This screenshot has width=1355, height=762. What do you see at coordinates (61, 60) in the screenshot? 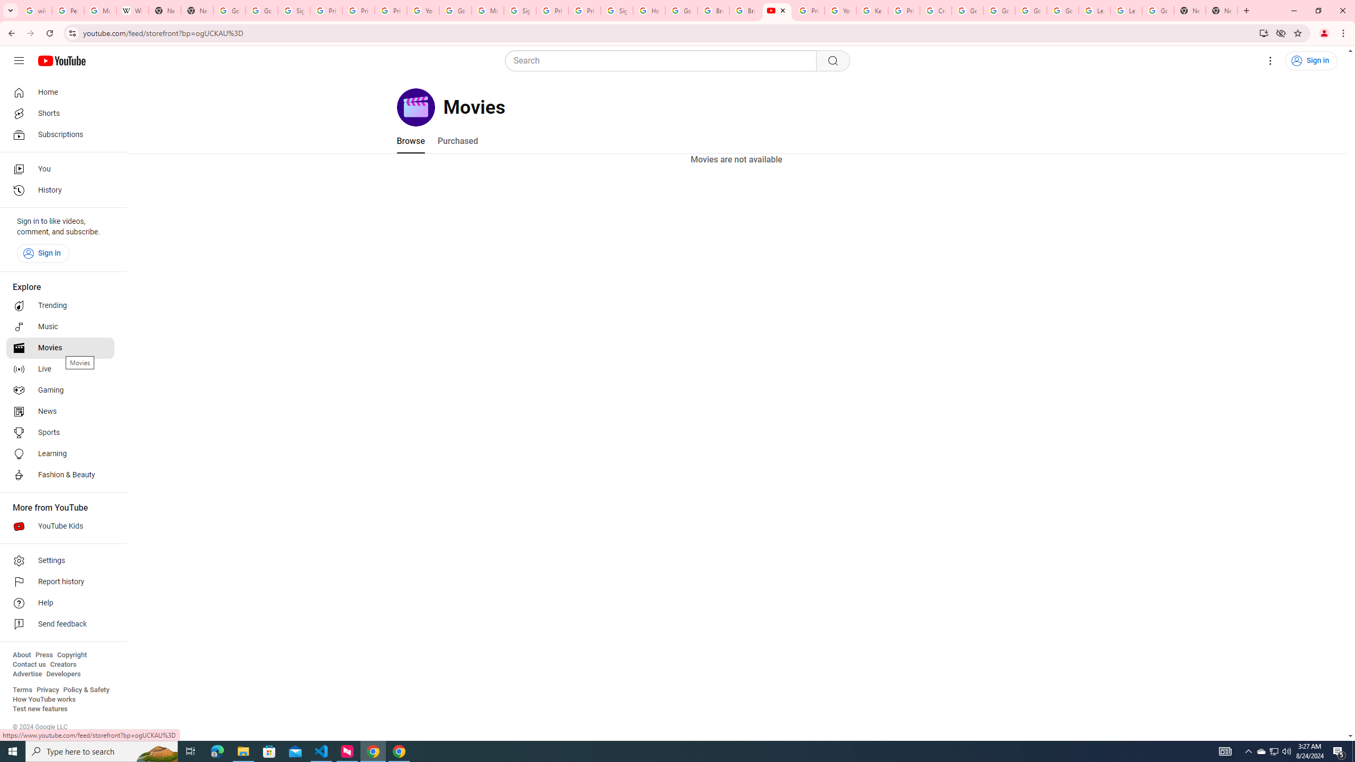
I see `'YouTube Home'` at bounding box center [61, 60].